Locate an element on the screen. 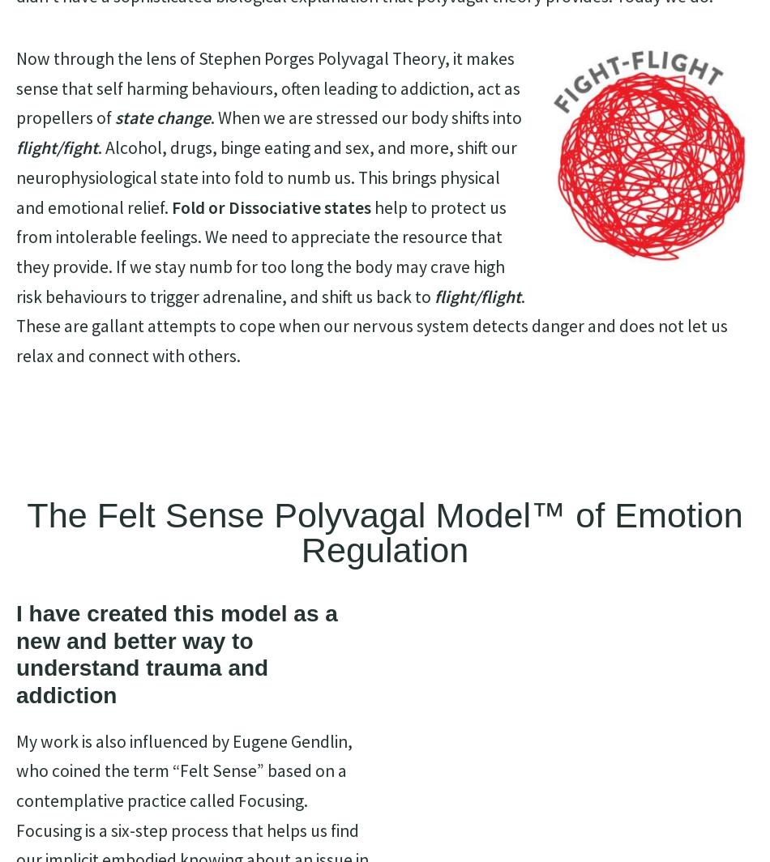 The height and width of the screenshot is (862, 770). 'The Felt Sense Polyvagal Model™ of Emotion Regulation' is located at coordinates (383, 531).